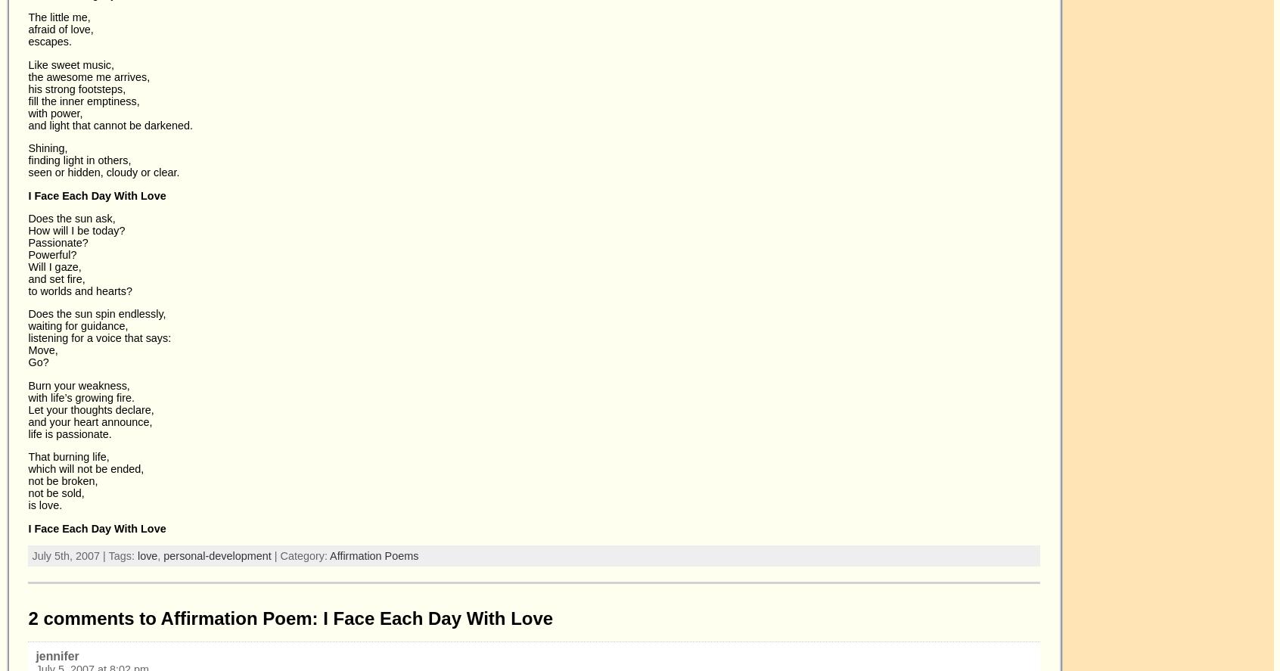  Describe the element at coordinates (27, 314) in the screenshot. I see `'Does the sun spin endlessly,'` at that location.